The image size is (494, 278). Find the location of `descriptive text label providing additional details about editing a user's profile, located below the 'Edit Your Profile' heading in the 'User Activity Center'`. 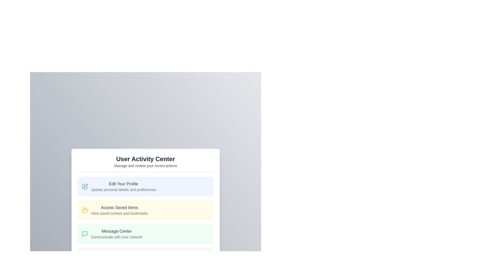

descriptive text label providing additional details about editing a user's profile, located below the 'Edit Your Profile' heading in the 'User Activity Center' is located at coordinates (123, 189).